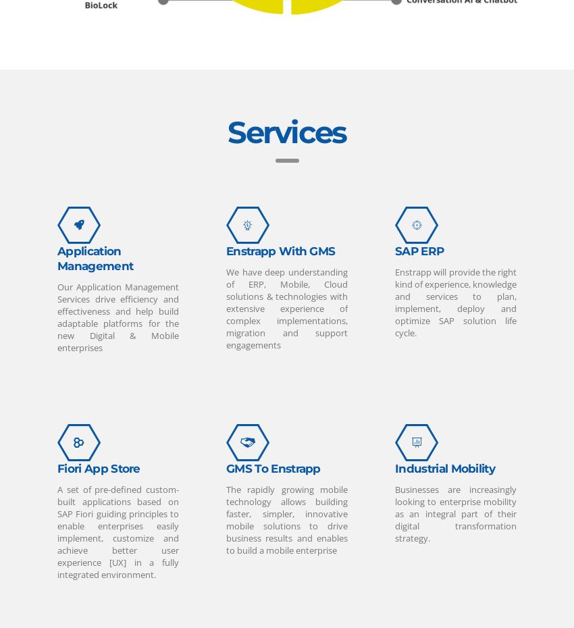 The image size is (574, 628). Describe the element at coordinates (419, 249) in the screenshot. I see `'SAP ERP'` at that location.